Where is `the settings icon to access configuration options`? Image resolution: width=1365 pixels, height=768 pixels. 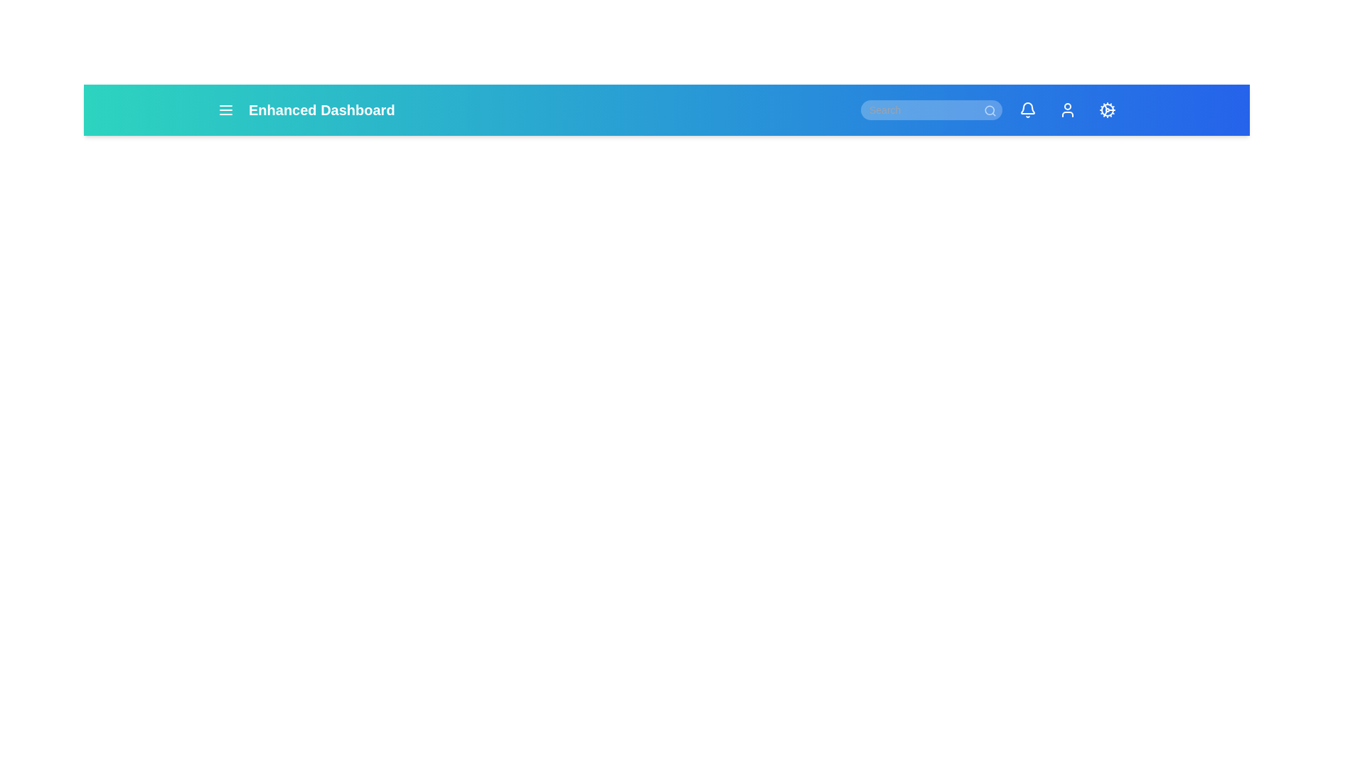
the settings icon to access configuration options is located at coordinates (1107, 109).